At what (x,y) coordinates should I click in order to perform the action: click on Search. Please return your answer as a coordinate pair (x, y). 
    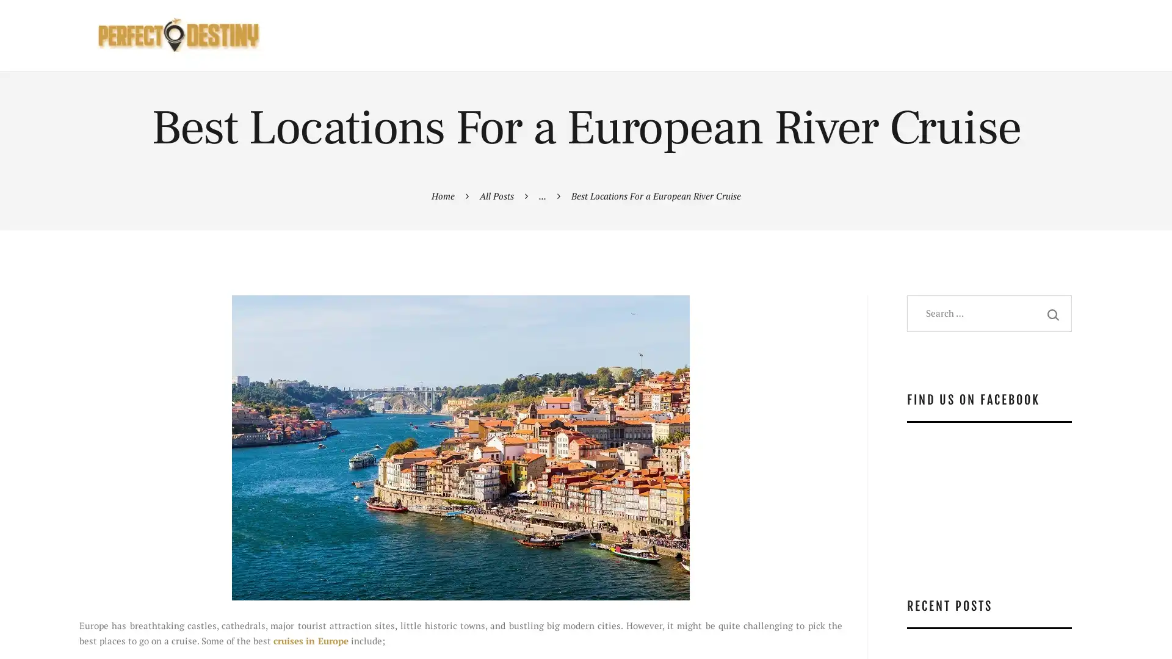
    Looking at the image, I should click on (1055, 314).